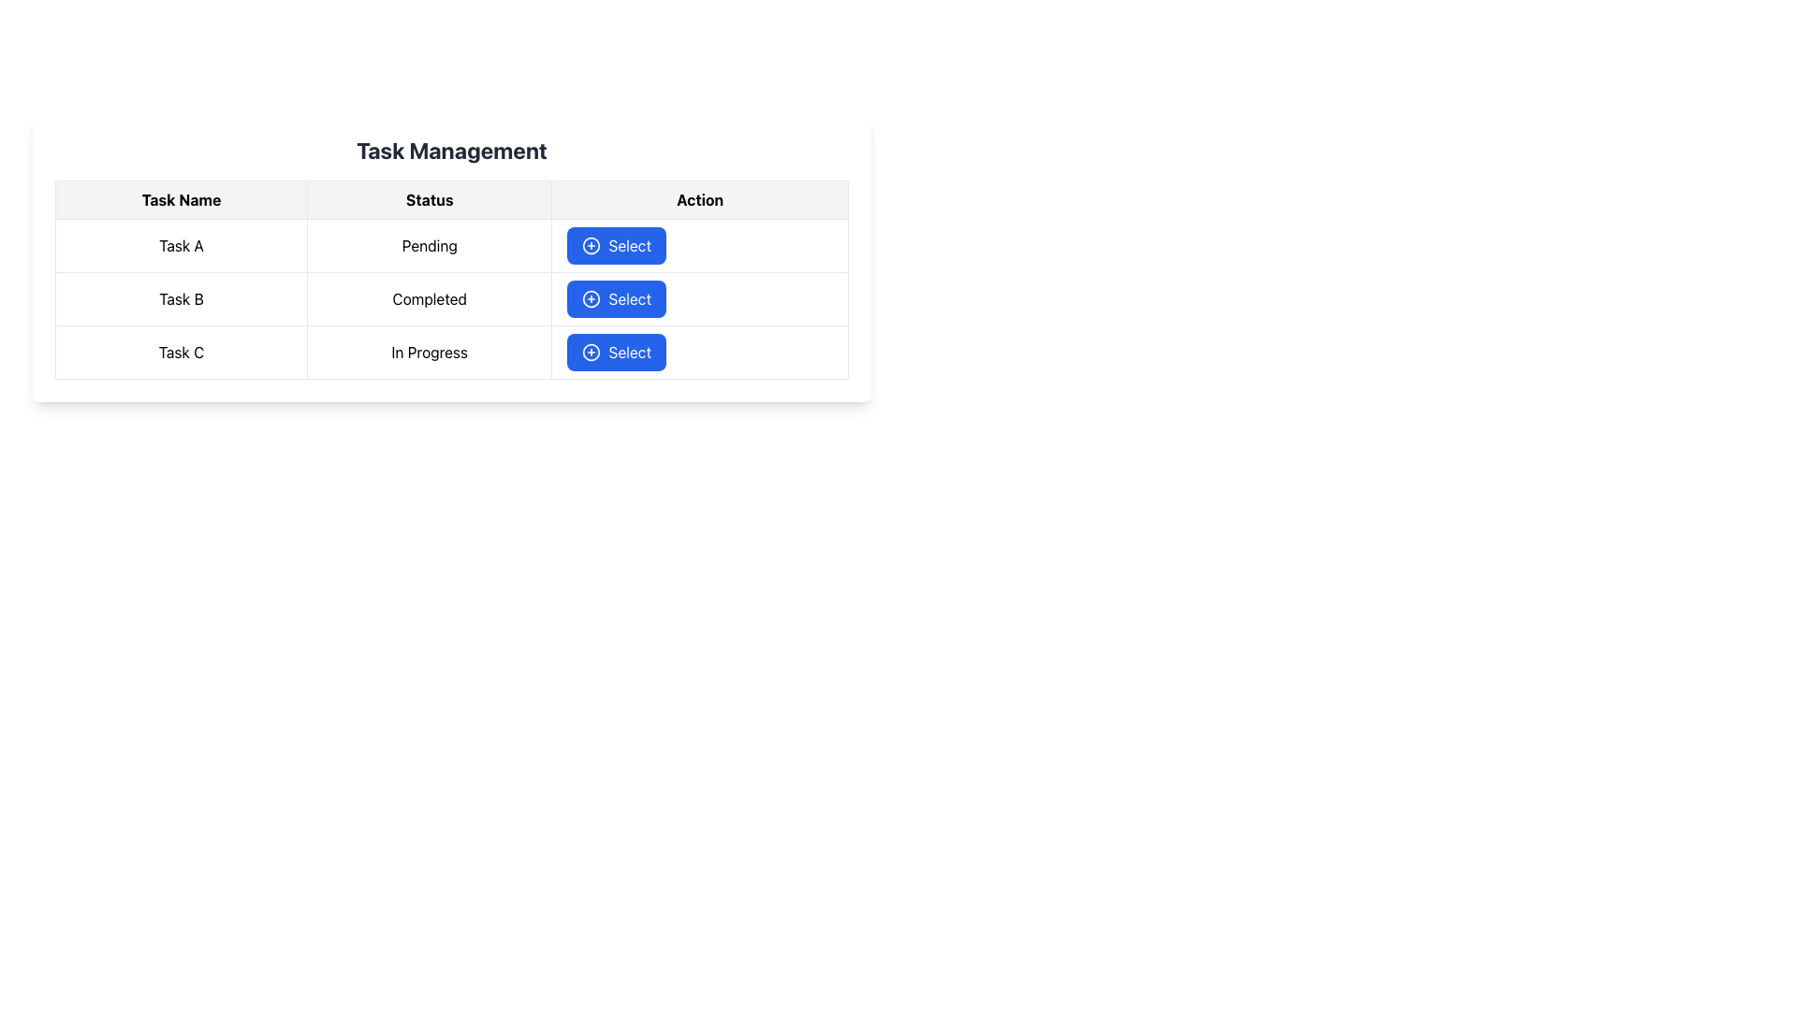  I want to click on the icon within the 'Select' button located in the first row of the 'Action' column in the table, so click(591, 244).